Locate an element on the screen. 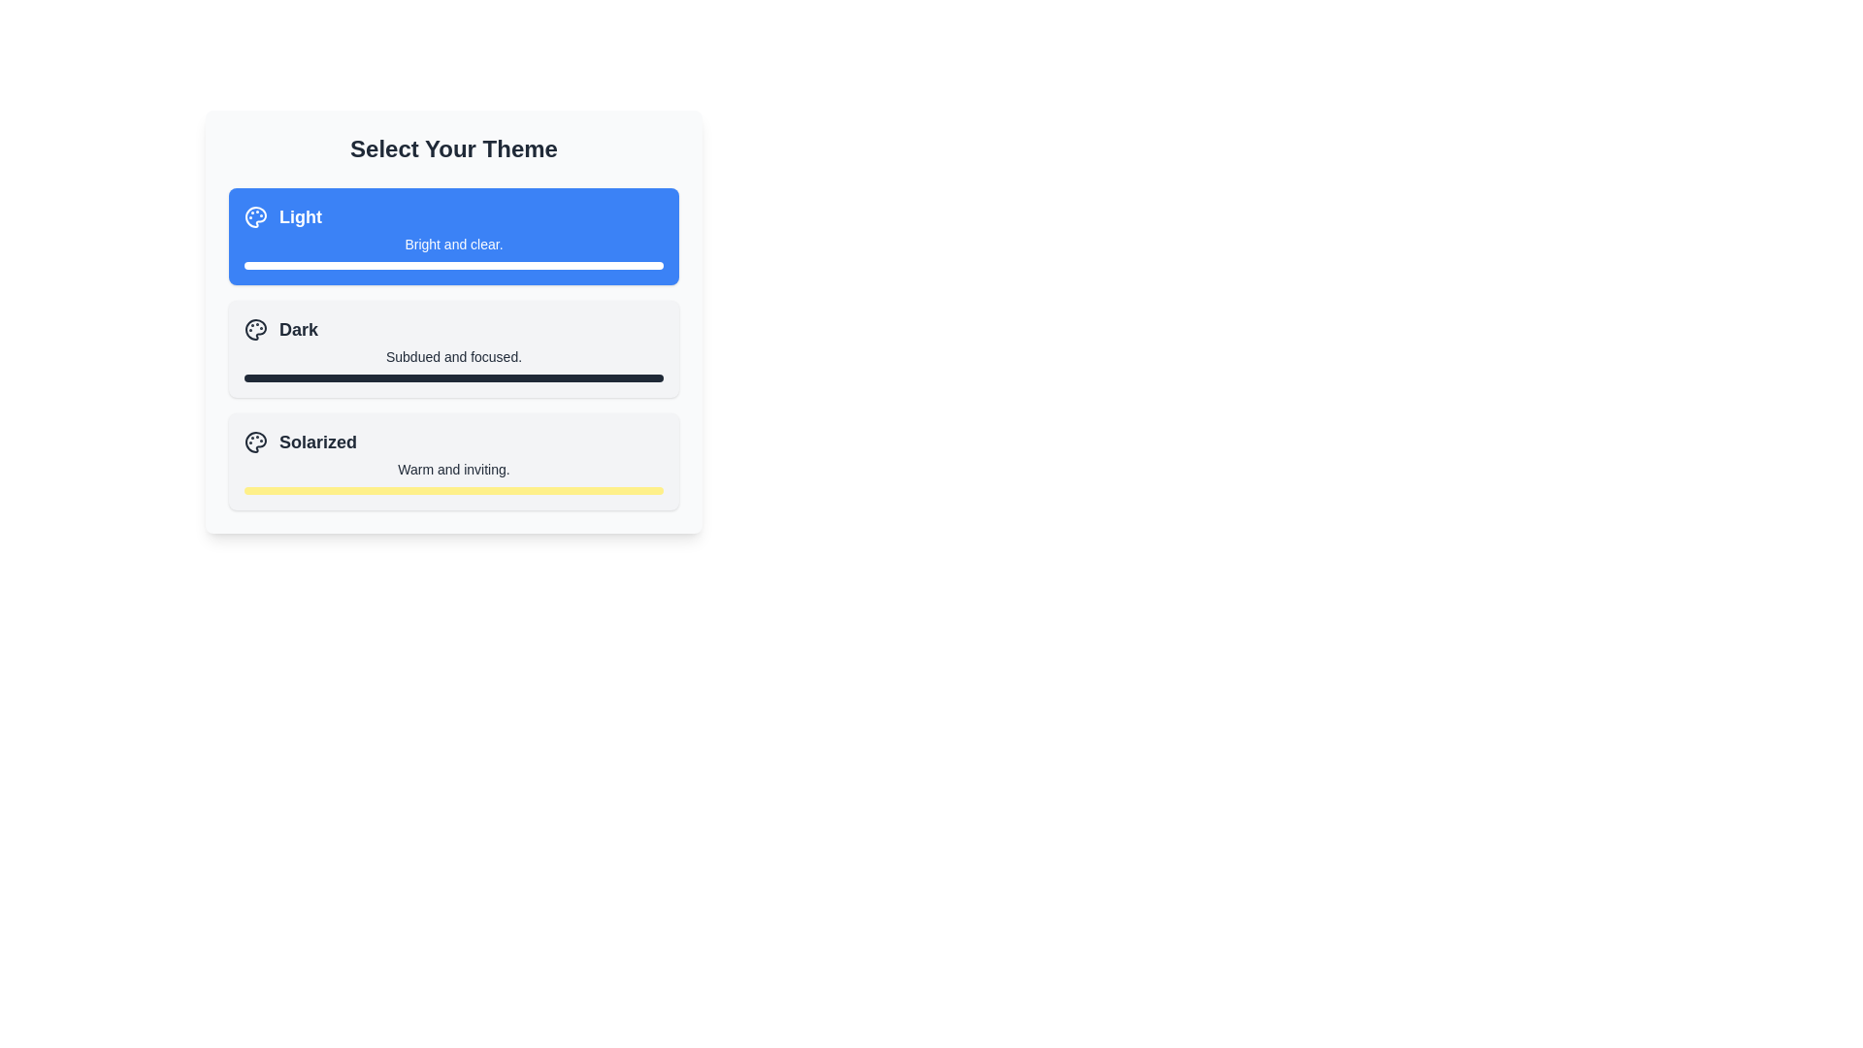 This screenshot has width=1863, height=1048. the first selectable card with a blue background and the text 'Light' in bold is located at coordinates (452, 235).